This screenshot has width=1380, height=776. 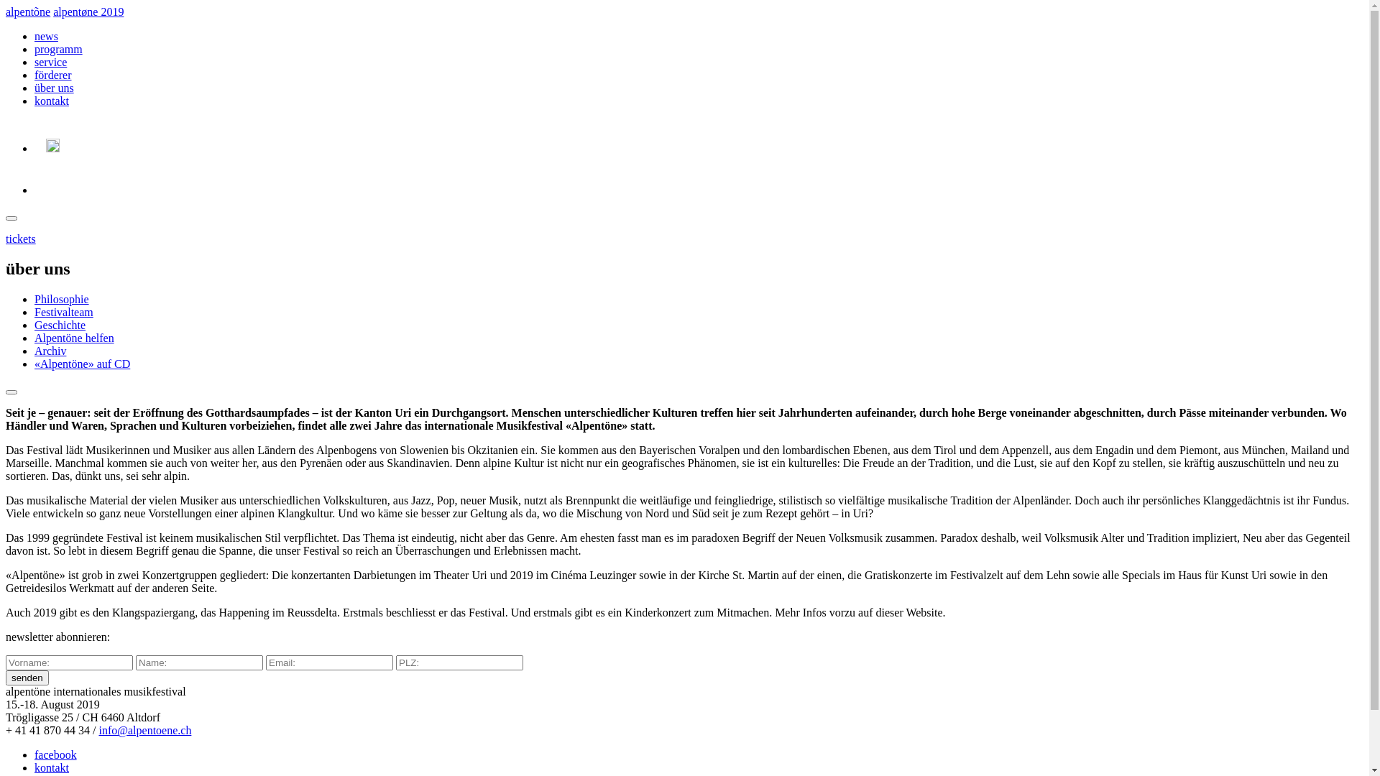 I want to click on 'Geschichte', so click(x=59, y=325).